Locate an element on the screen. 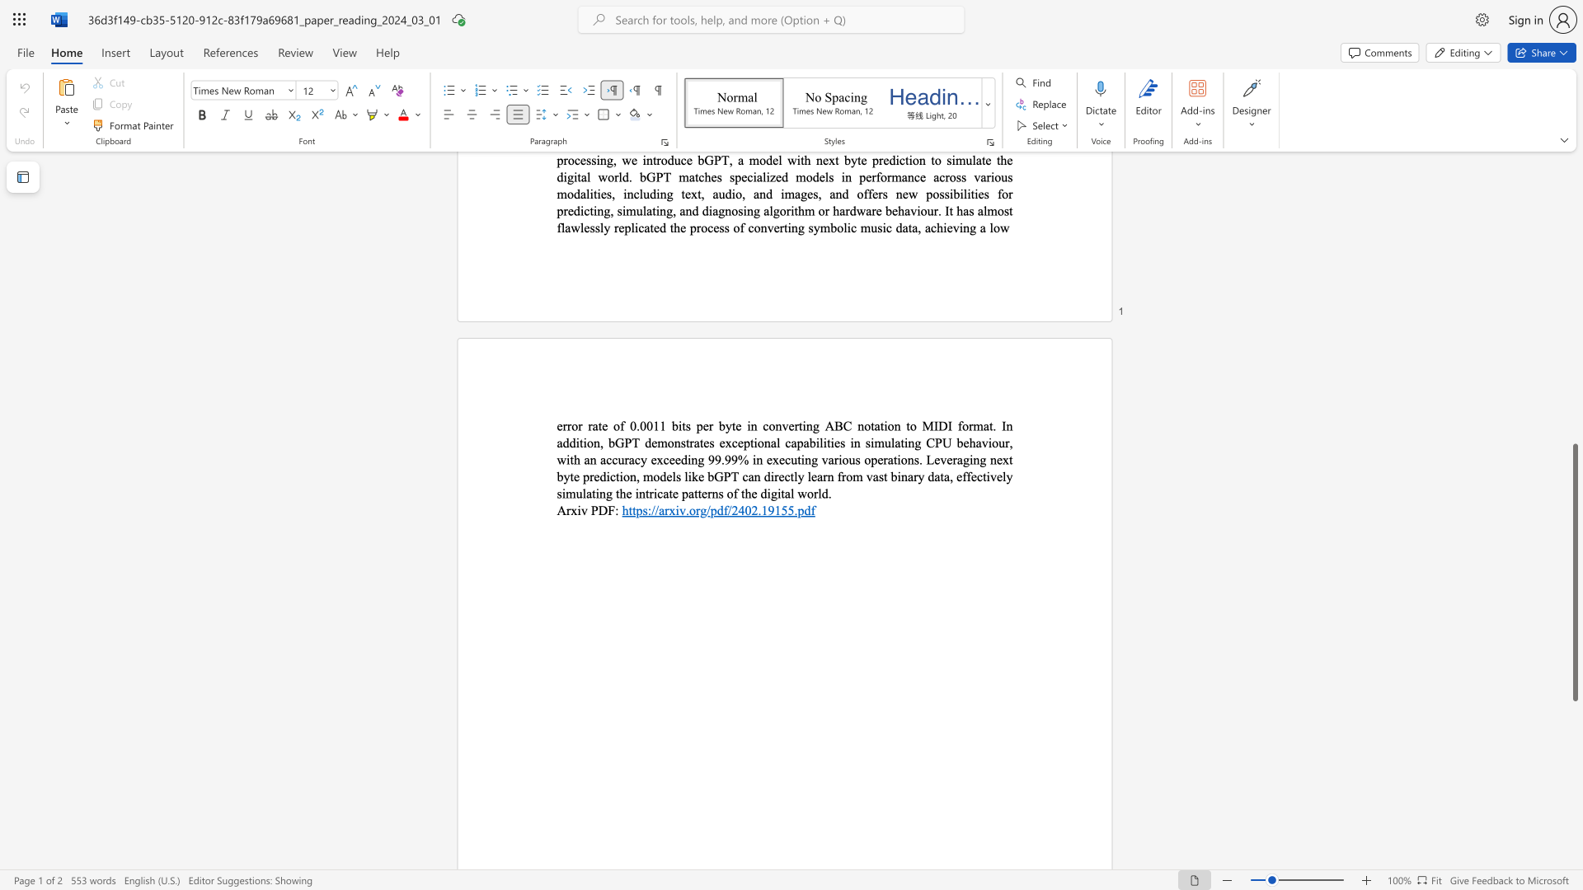 The image size is (1583, 890). the subset text "2.19155.p" within the text "https://arxiv.org/pdf/2402.19155.pdf" is located at coordinates (750, 509).